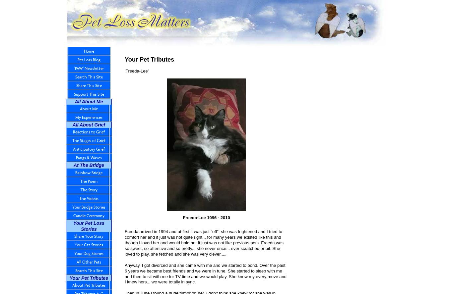 Image resolution: width=453 pixels, height=294 pixels. Describe the element at coordinates (77, 59) in the screenshot. I see `'Pet Loss Blog'` at that location.